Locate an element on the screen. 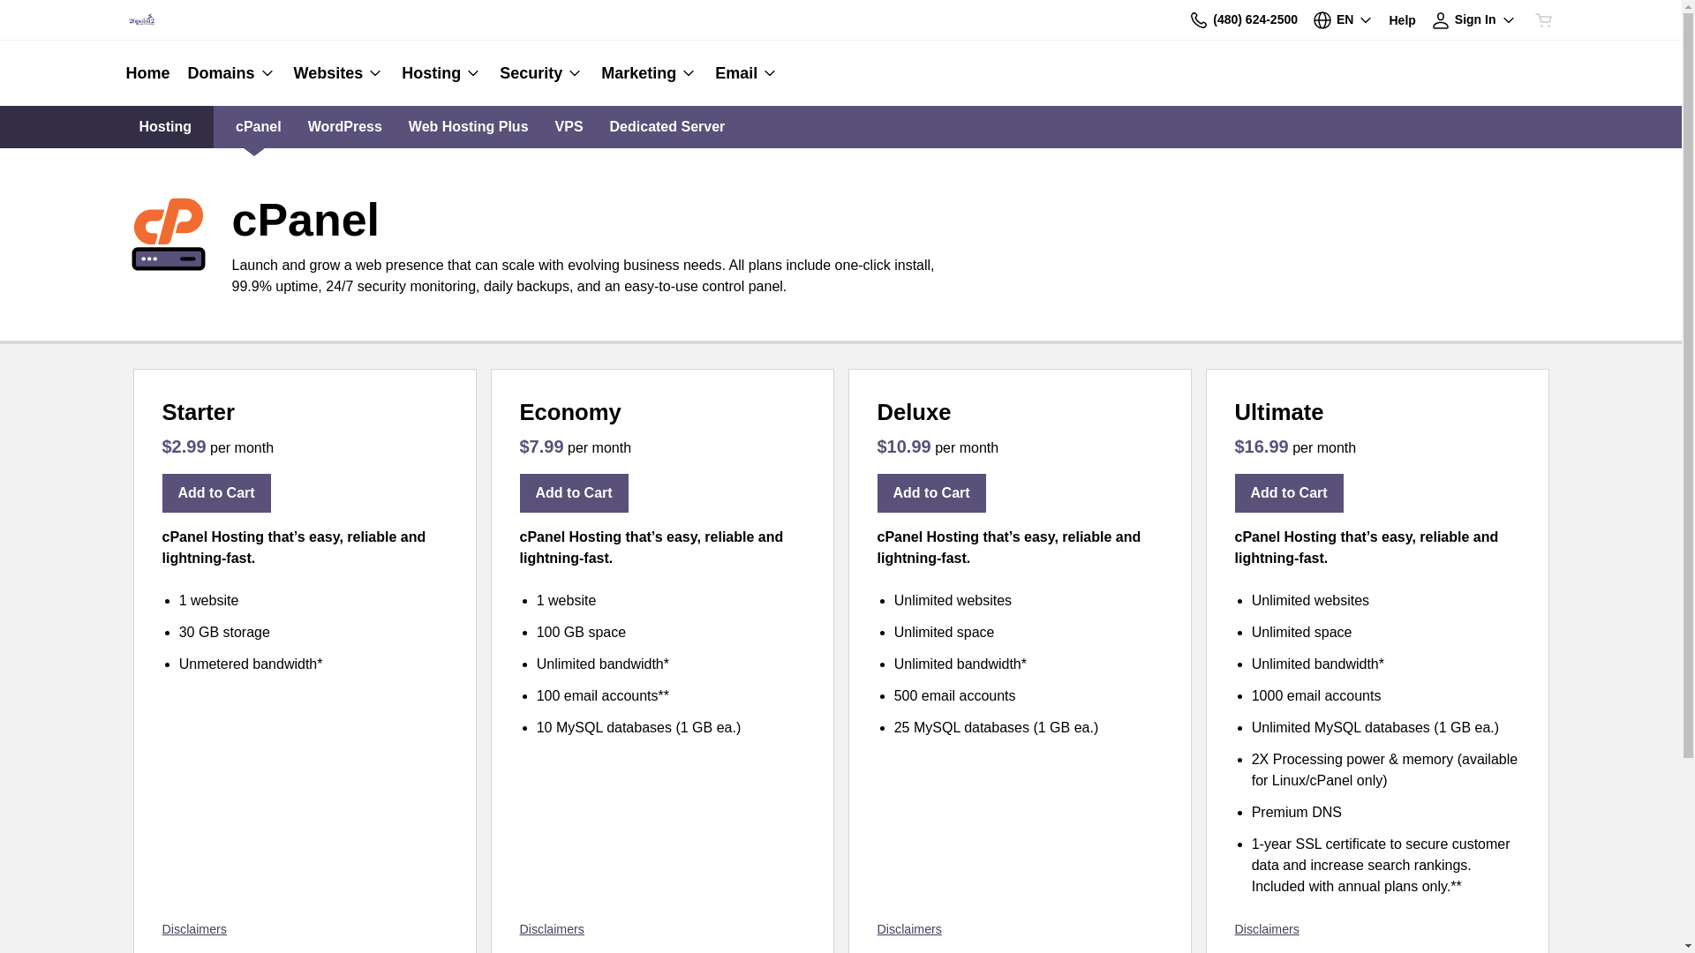 This screenshot has height=953, width=1695. 'Disclaimers' is located at coordinates (162, 928).